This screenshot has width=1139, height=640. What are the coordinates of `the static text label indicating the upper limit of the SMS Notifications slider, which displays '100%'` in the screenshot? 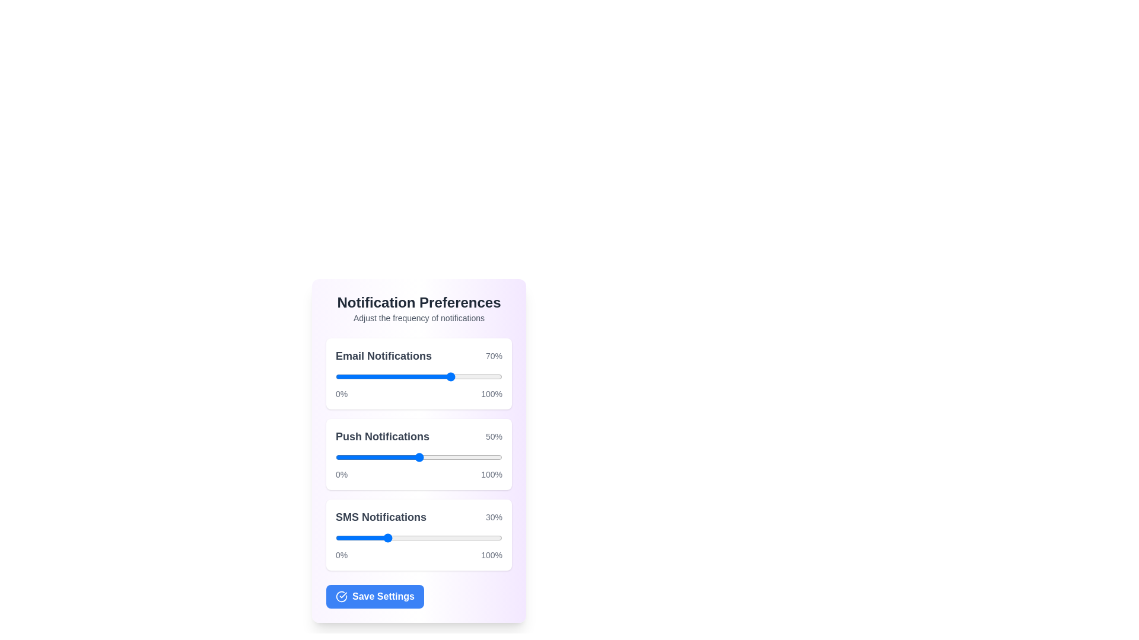 It's located at (492, 555).